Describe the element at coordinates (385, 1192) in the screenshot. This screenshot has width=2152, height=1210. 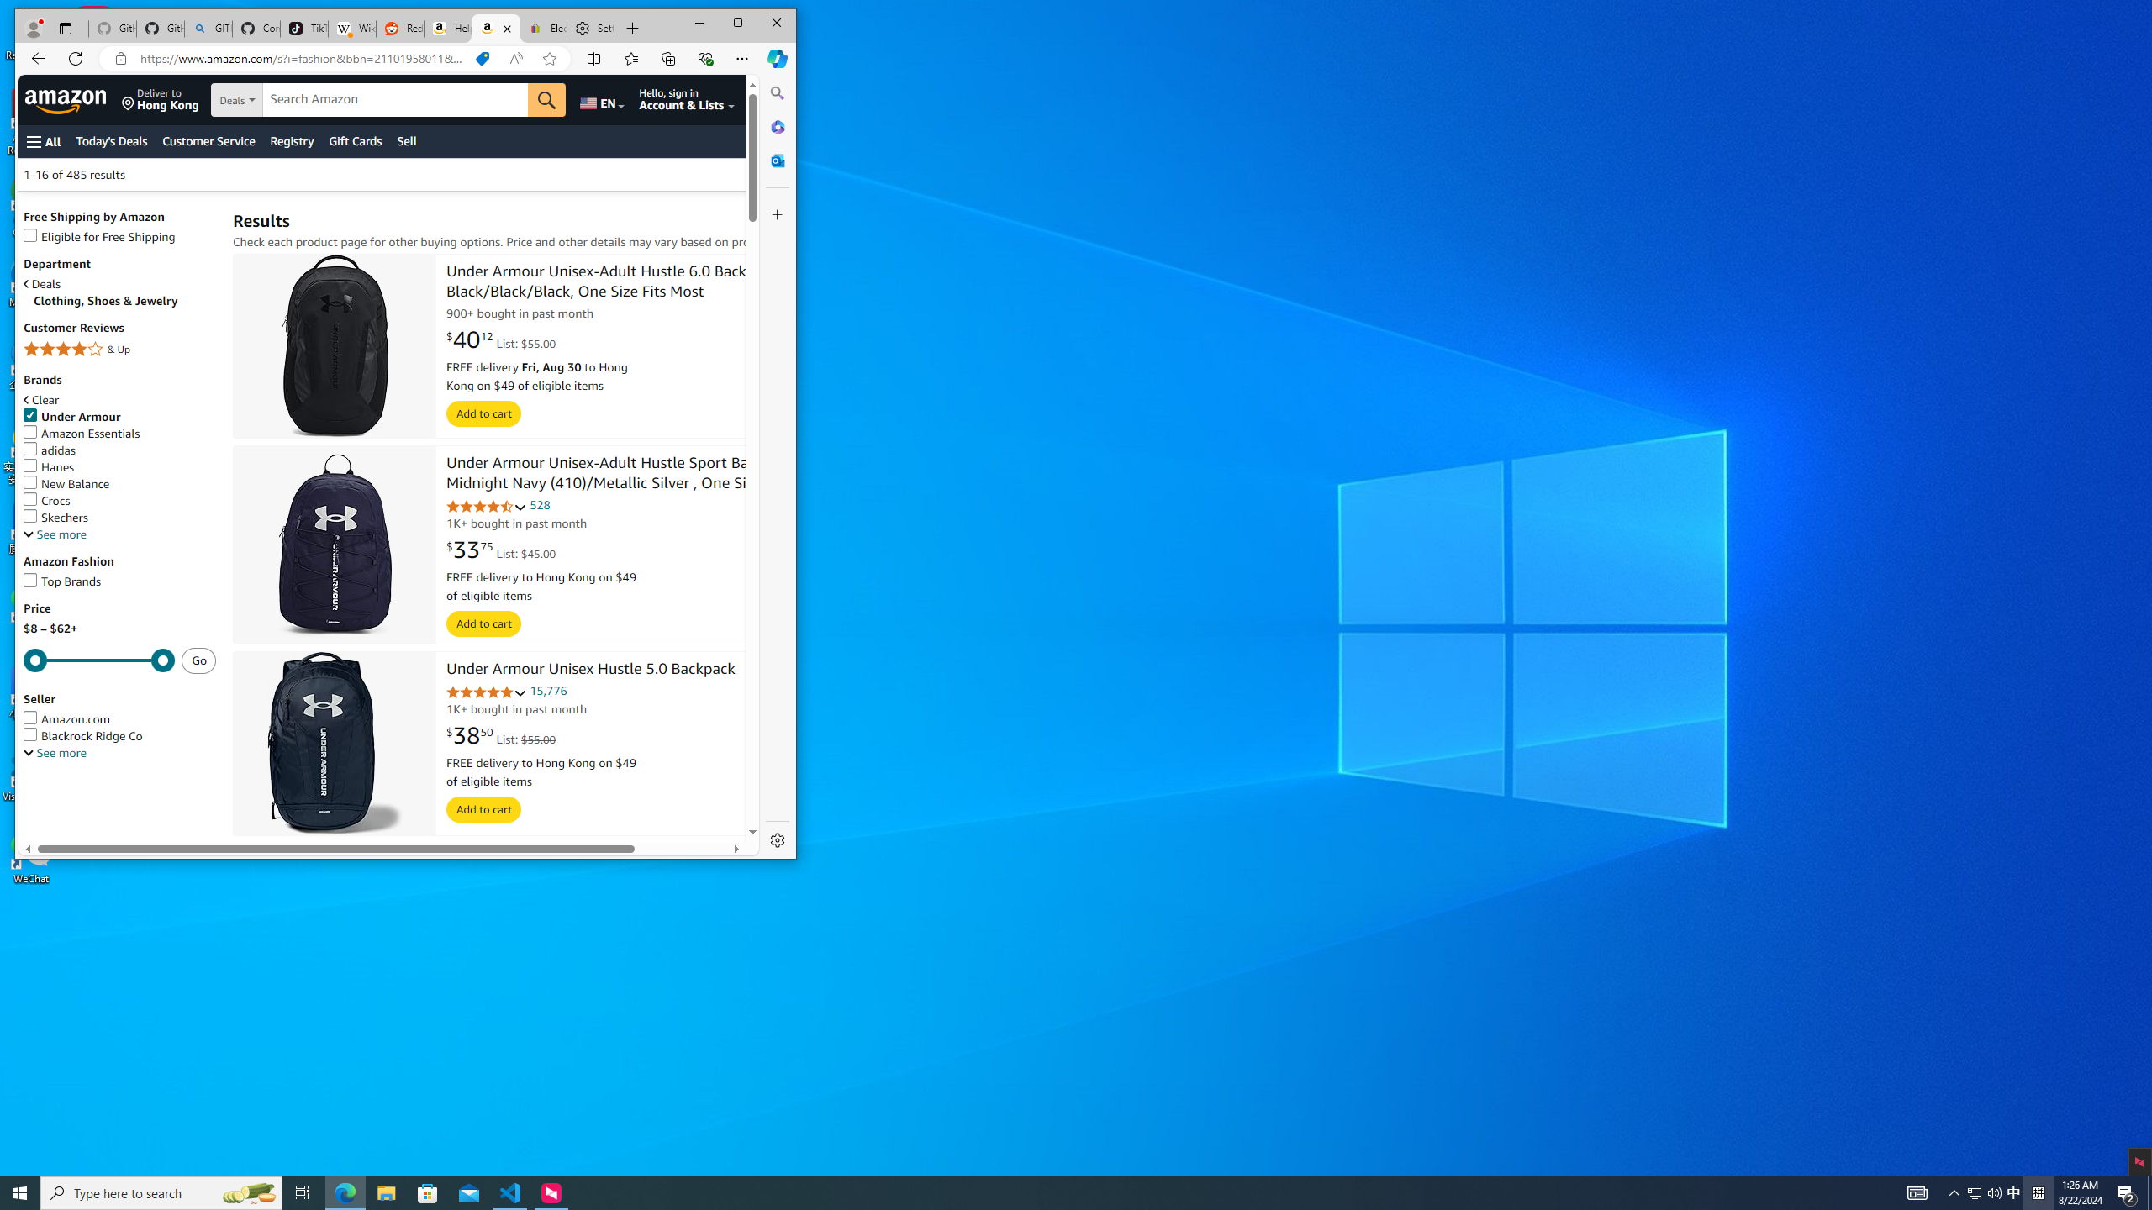
I see `'File Explorer'` at that location.